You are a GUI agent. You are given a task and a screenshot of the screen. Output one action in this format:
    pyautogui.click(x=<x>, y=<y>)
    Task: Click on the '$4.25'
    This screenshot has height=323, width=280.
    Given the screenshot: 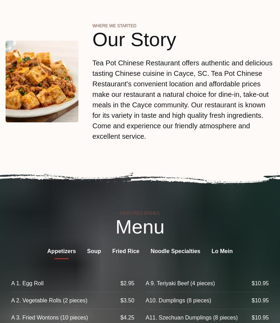 What is the action you would take?
    pyautogui.click(x=120, y=317)
    